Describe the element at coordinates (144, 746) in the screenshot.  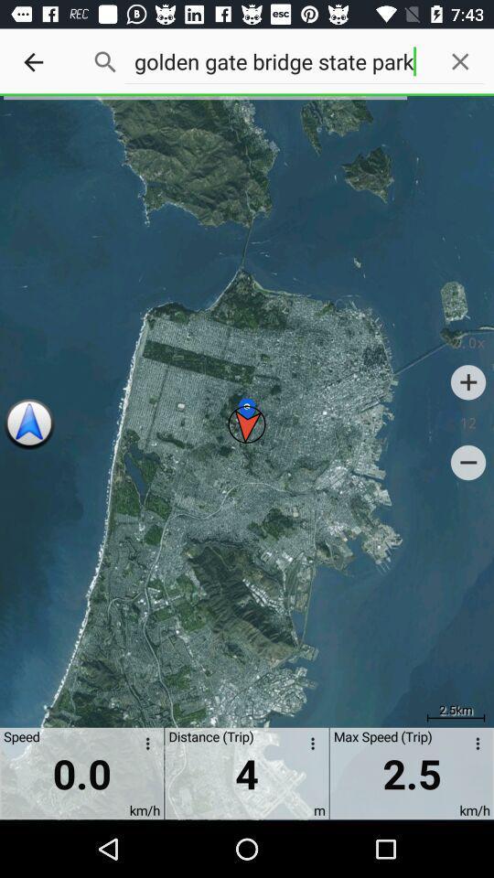
I see `the more icon` at that location.